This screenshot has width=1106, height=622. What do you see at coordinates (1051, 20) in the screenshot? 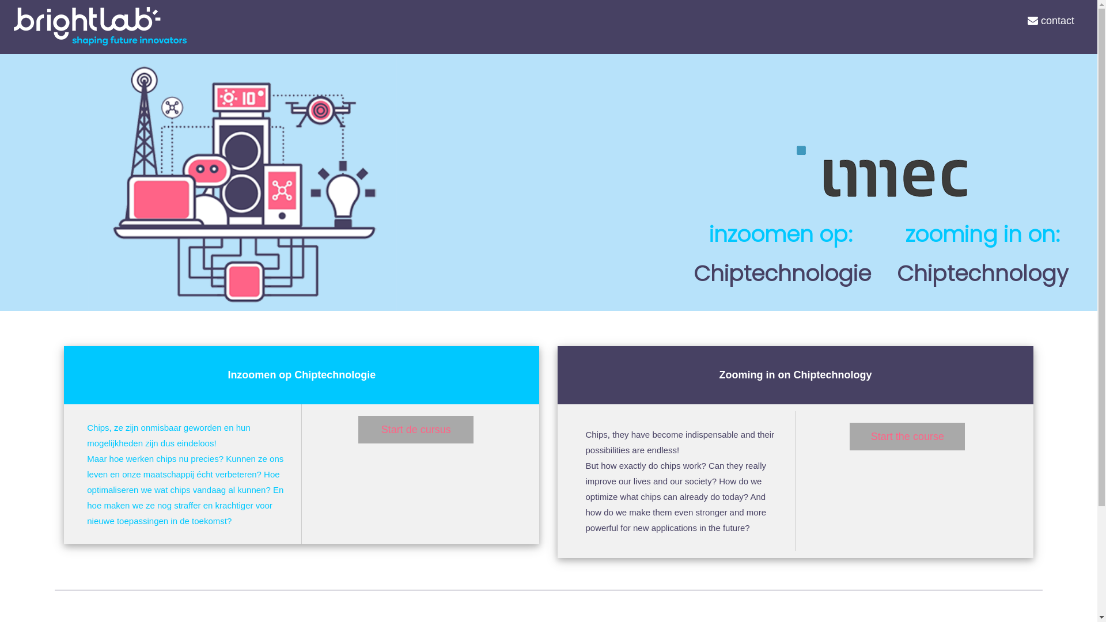
I see `'contact'` at bounding box center [1051, 20].